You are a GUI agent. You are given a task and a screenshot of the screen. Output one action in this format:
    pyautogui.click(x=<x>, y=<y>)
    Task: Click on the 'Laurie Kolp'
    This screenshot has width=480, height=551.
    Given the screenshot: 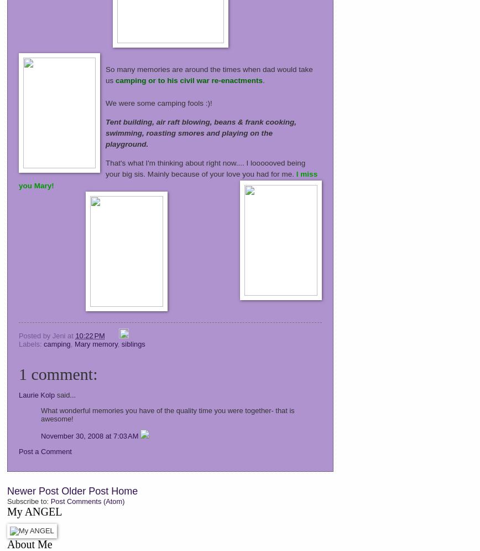 What is the action you would take?
    pyautogui.click(x=36, y=394)
    